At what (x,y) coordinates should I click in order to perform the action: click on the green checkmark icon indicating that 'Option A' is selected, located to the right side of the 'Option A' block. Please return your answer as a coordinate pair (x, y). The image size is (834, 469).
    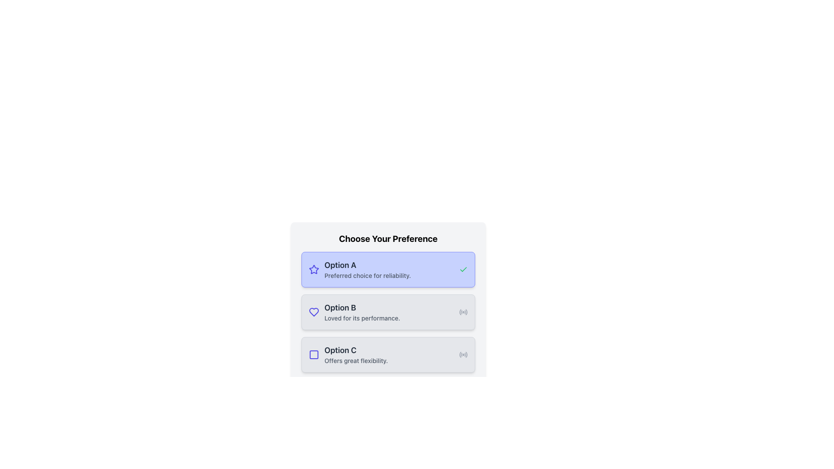
    Looking at the image, I should click on (463, 269).